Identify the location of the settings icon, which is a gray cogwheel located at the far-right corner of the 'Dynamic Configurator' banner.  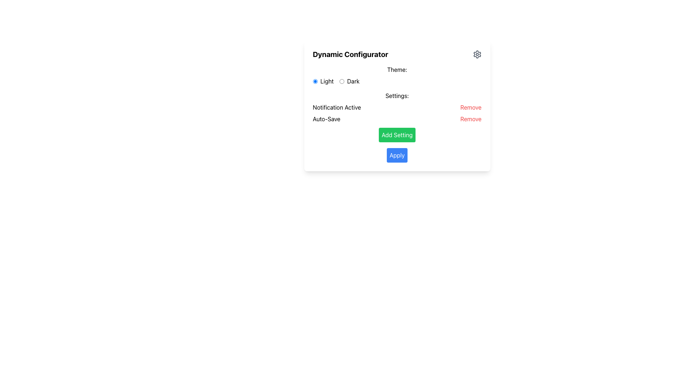
(477, 54).